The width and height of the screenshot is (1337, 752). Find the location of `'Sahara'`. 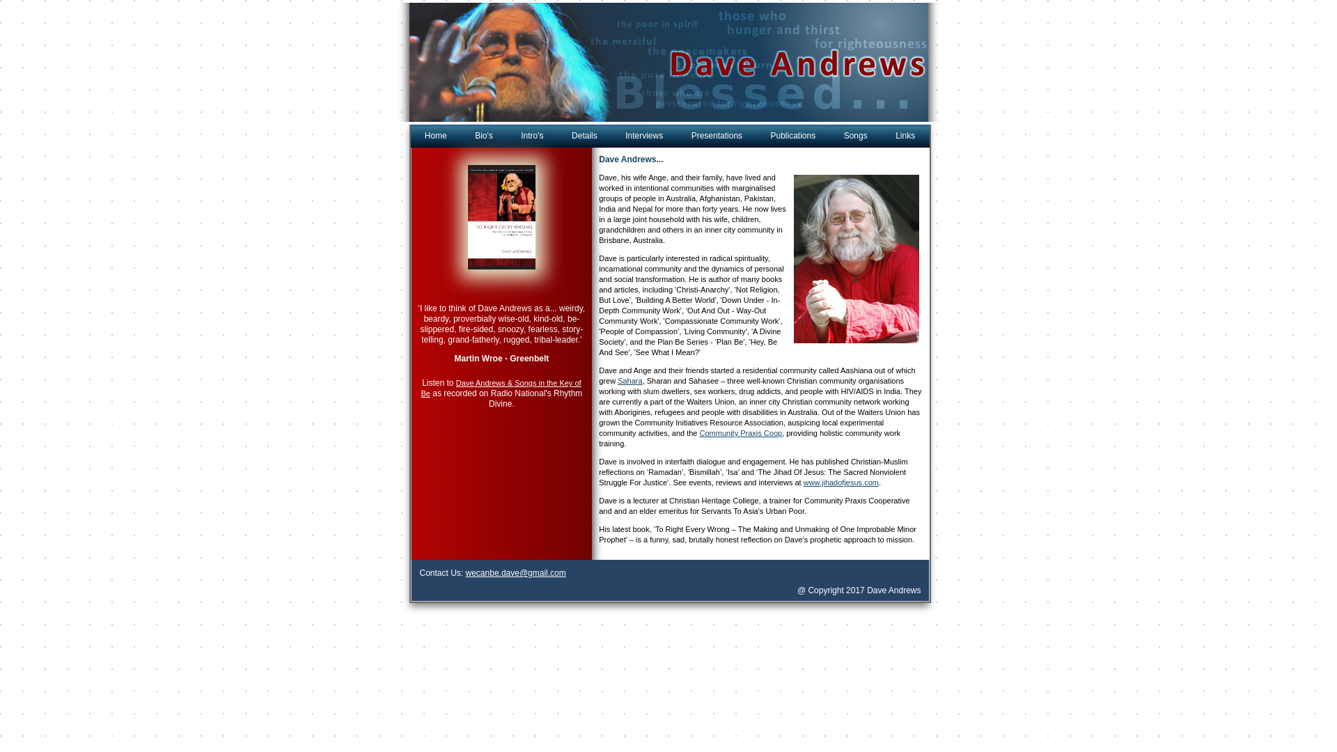

'Sahara' is located at coordinates (617, 381).